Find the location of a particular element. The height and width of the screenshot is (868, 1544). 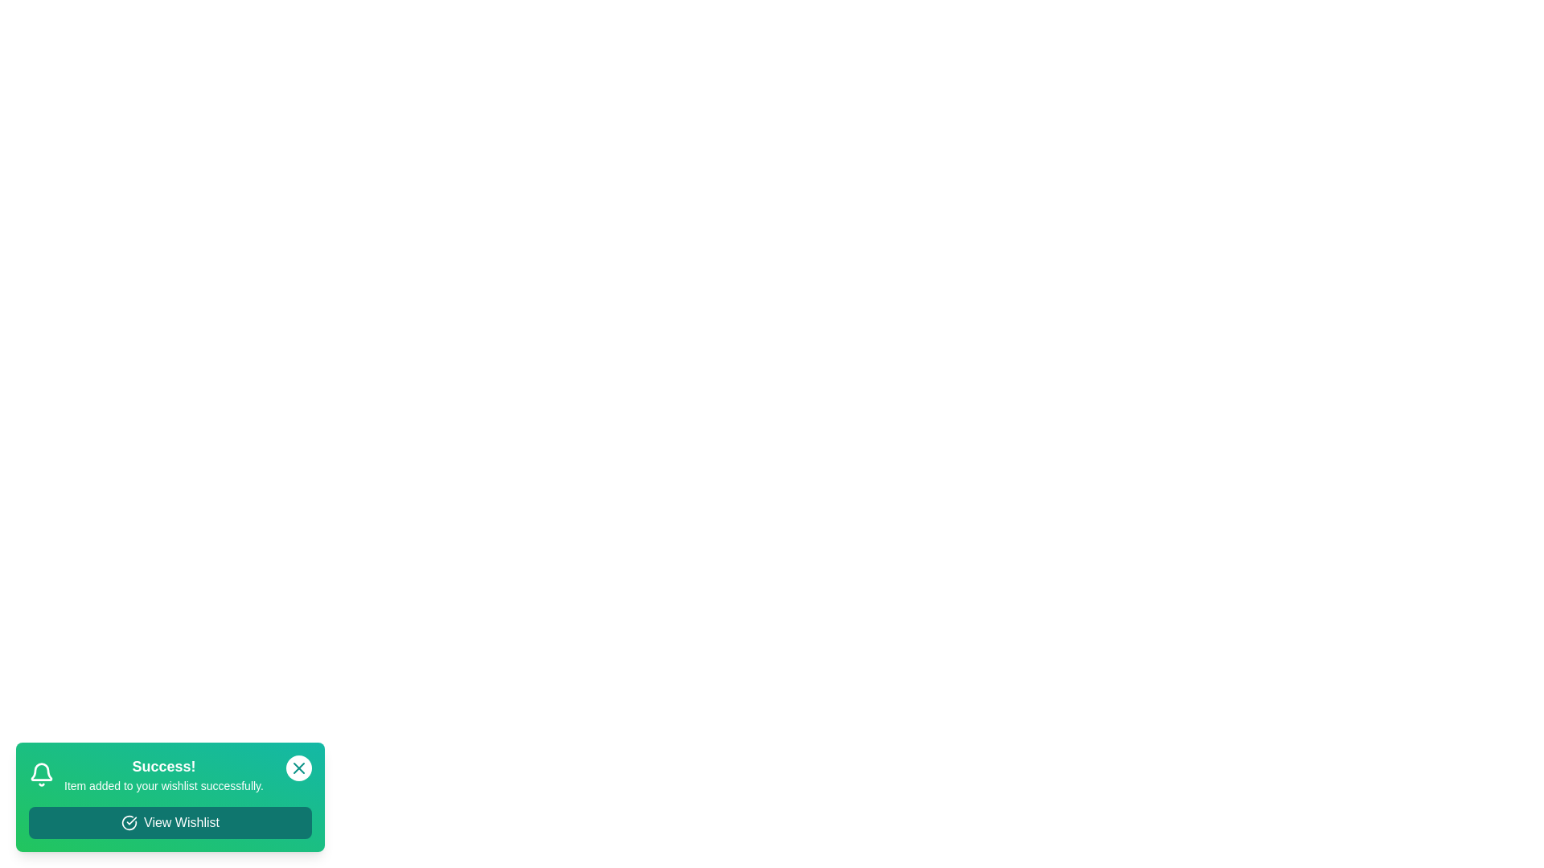

'View Wishlist' button to view the wishlist is located at coordinates (170, 822).